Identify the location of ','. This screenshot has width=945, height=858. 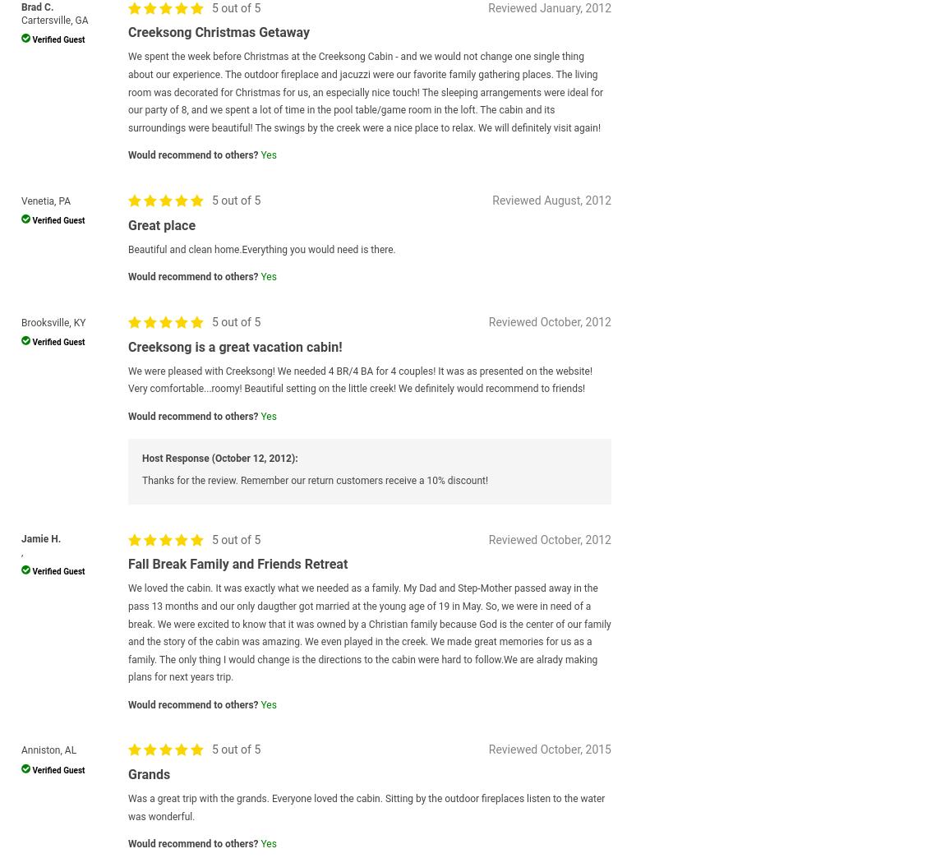
(21, 550).